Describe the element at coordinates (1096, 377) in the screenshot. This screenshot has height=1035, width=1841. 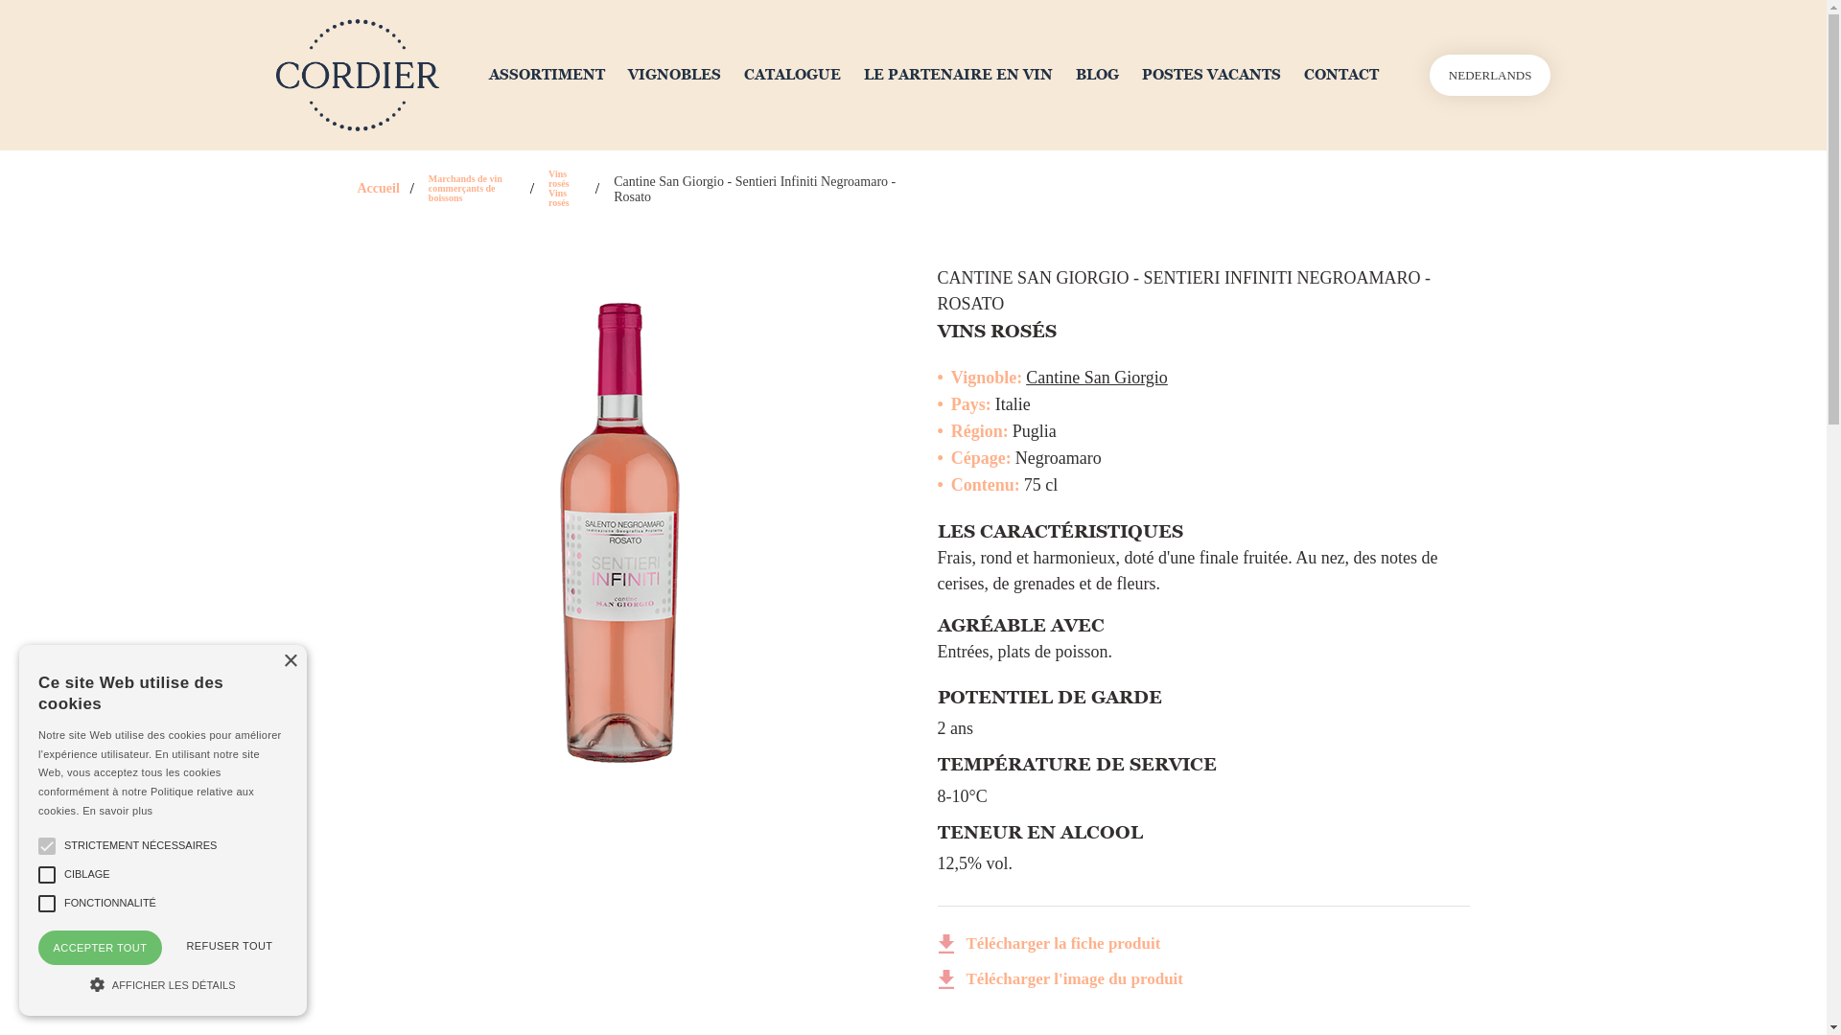
I see `'Cantine San Giorgio'` at that location.